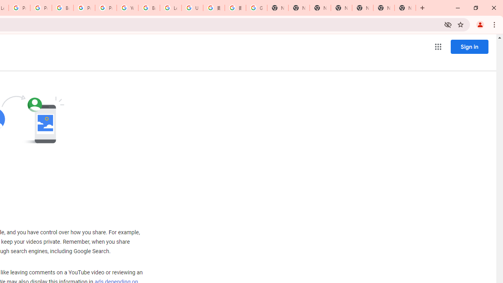 The image size is (503, 283). Describe the element at coordinates (19, 8) in the screenshot. I see `'Privacy Help Center - Policies Help'` at that location.